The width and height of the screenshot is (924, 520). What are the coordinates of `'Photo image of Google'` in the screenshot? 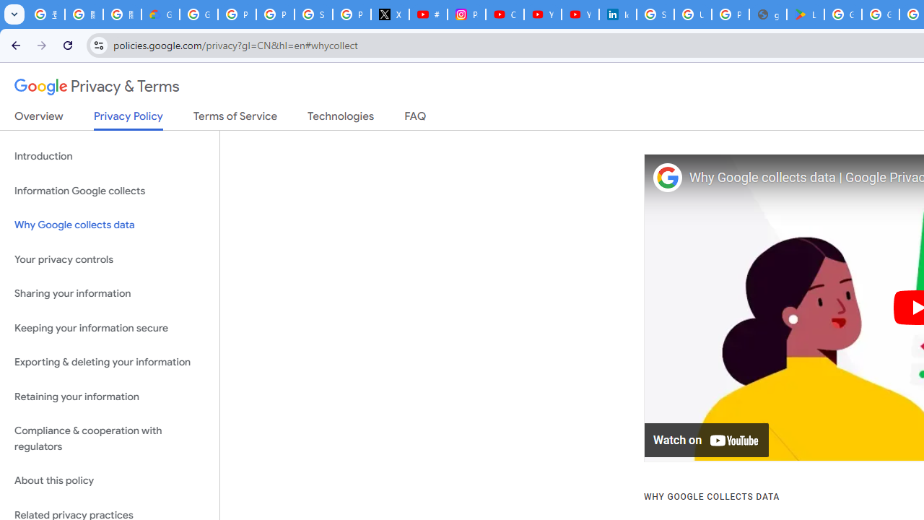 It's located at (666, 177).